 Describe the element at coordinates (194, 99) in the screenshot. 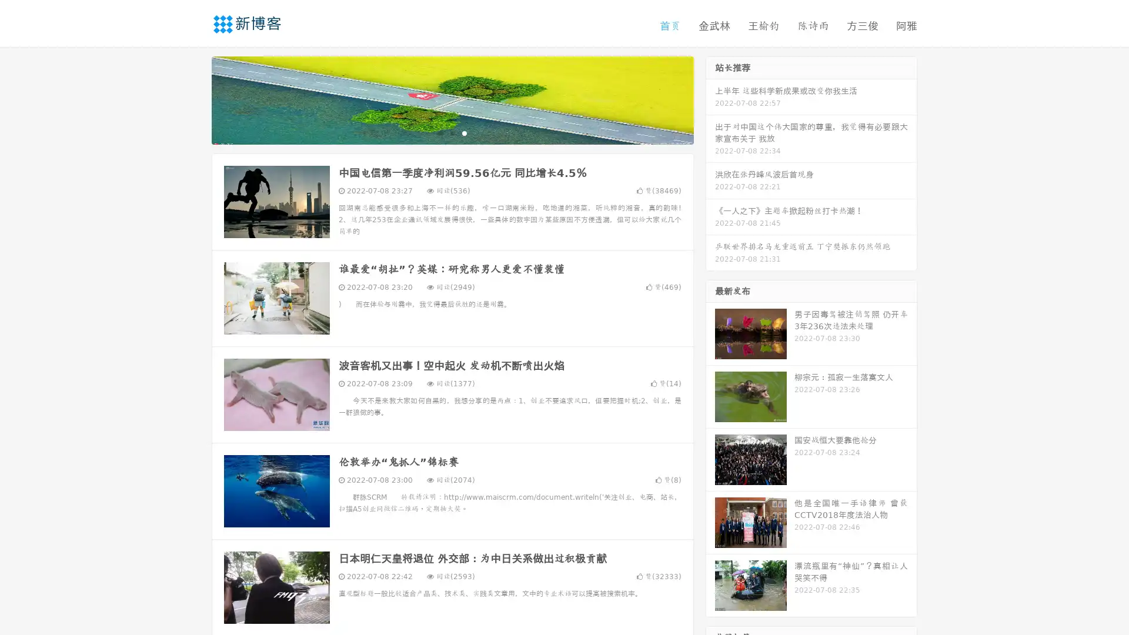

I see `Previous slide` at that location.